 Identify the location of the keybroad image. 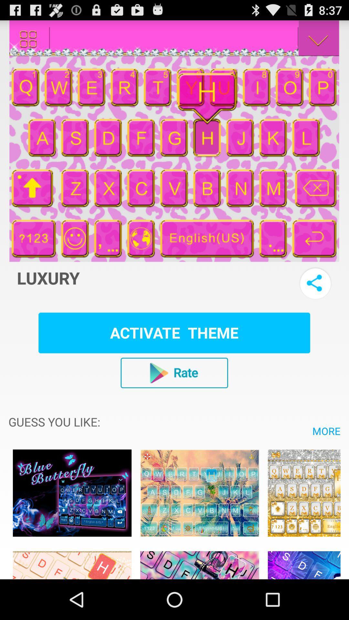
(304, 561).